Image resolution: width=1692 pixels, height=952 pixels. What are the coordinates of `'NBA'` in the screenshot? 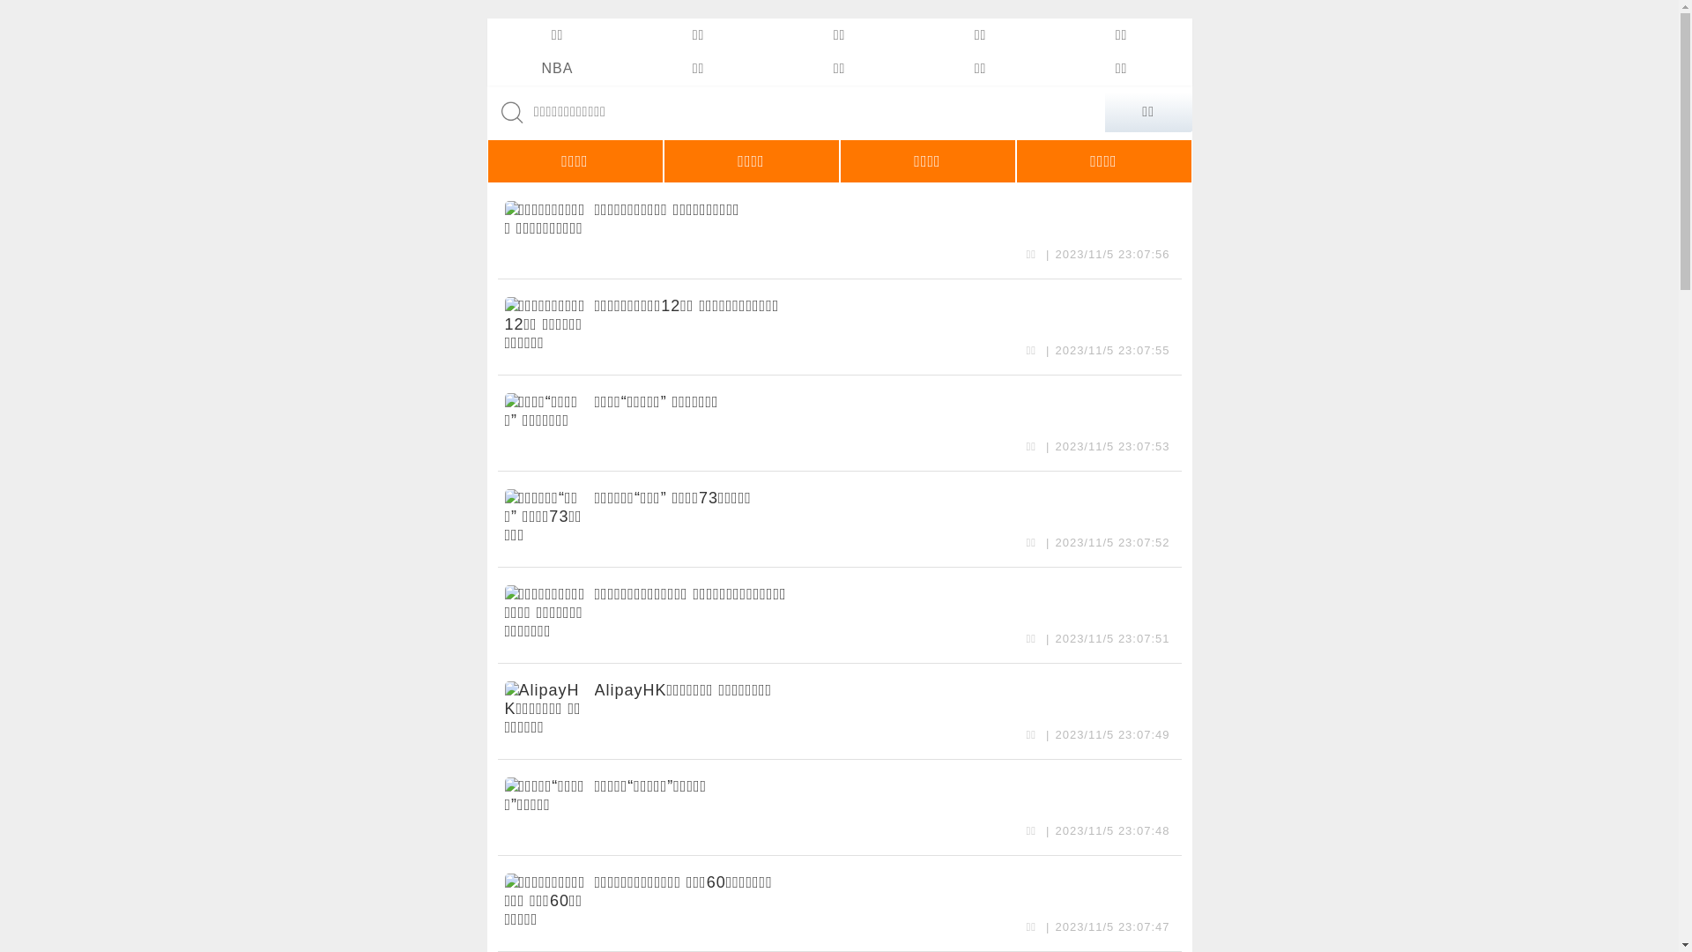 It's located at (556, 67).